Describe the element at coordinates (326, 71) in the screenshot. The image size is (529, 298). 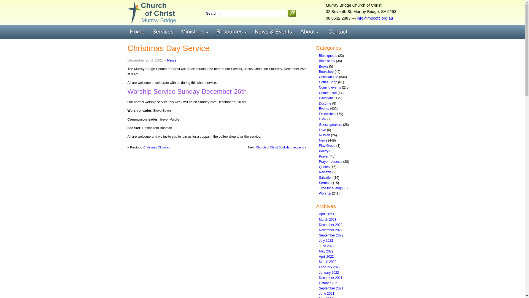
I see `'Bookshop'` at that location.